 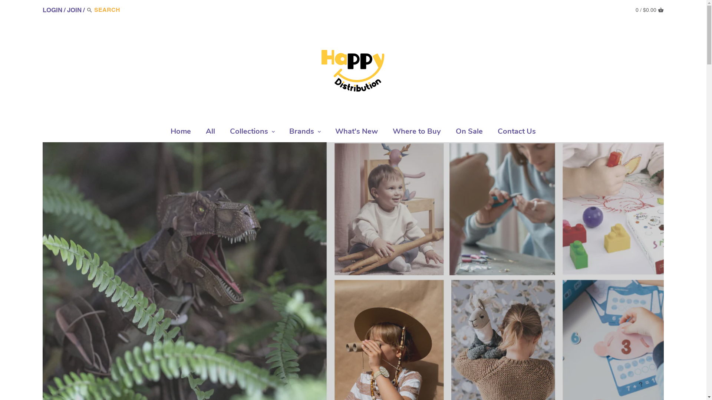 I want to click on 'Contact Us', so click(x=516, y=132).